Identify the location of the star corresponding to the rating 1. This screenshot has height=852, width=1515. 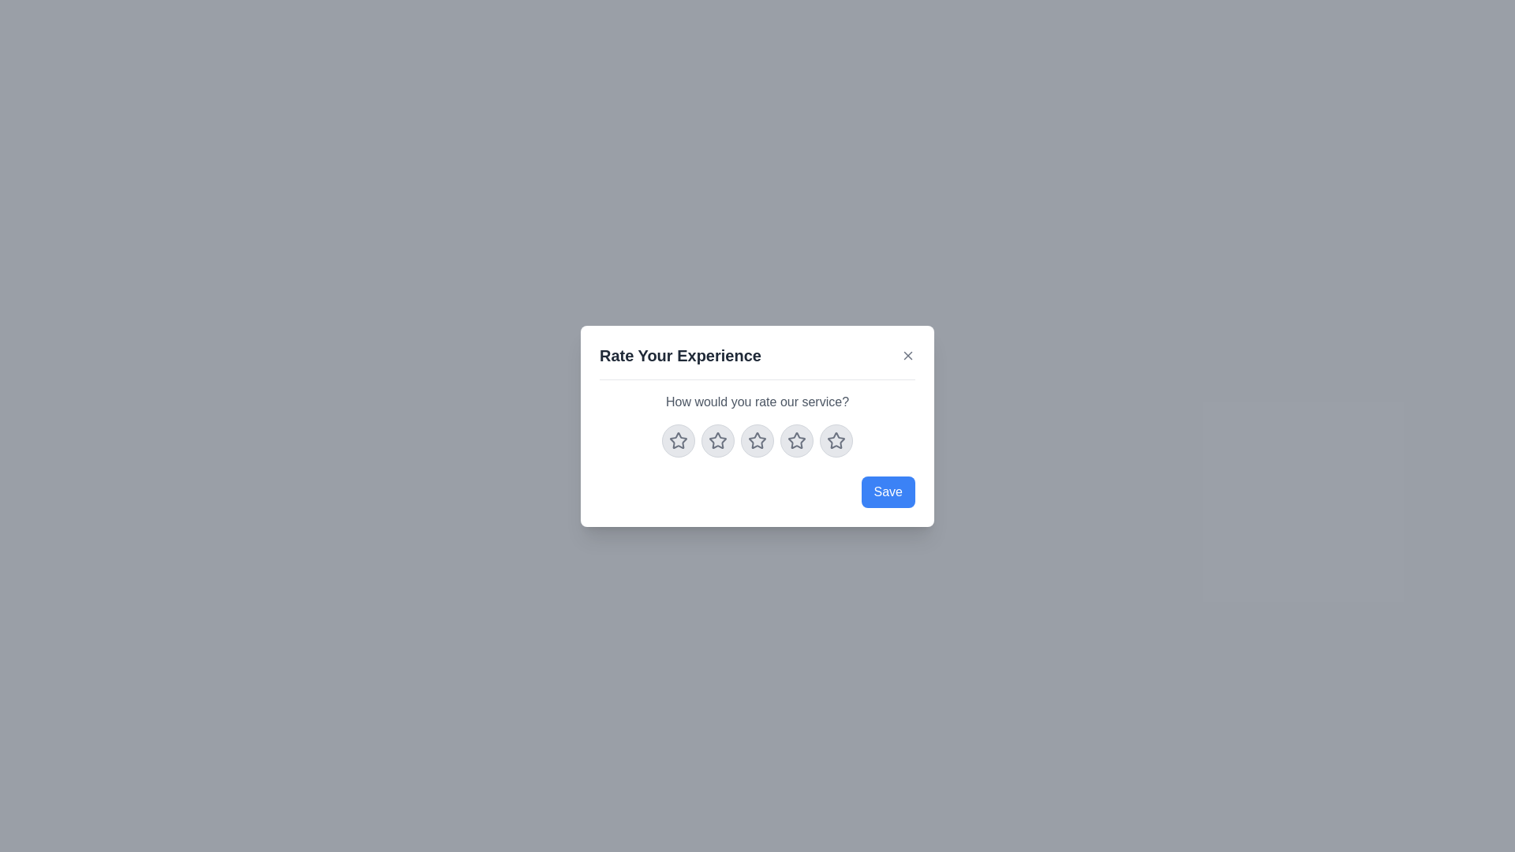
(678, 440).